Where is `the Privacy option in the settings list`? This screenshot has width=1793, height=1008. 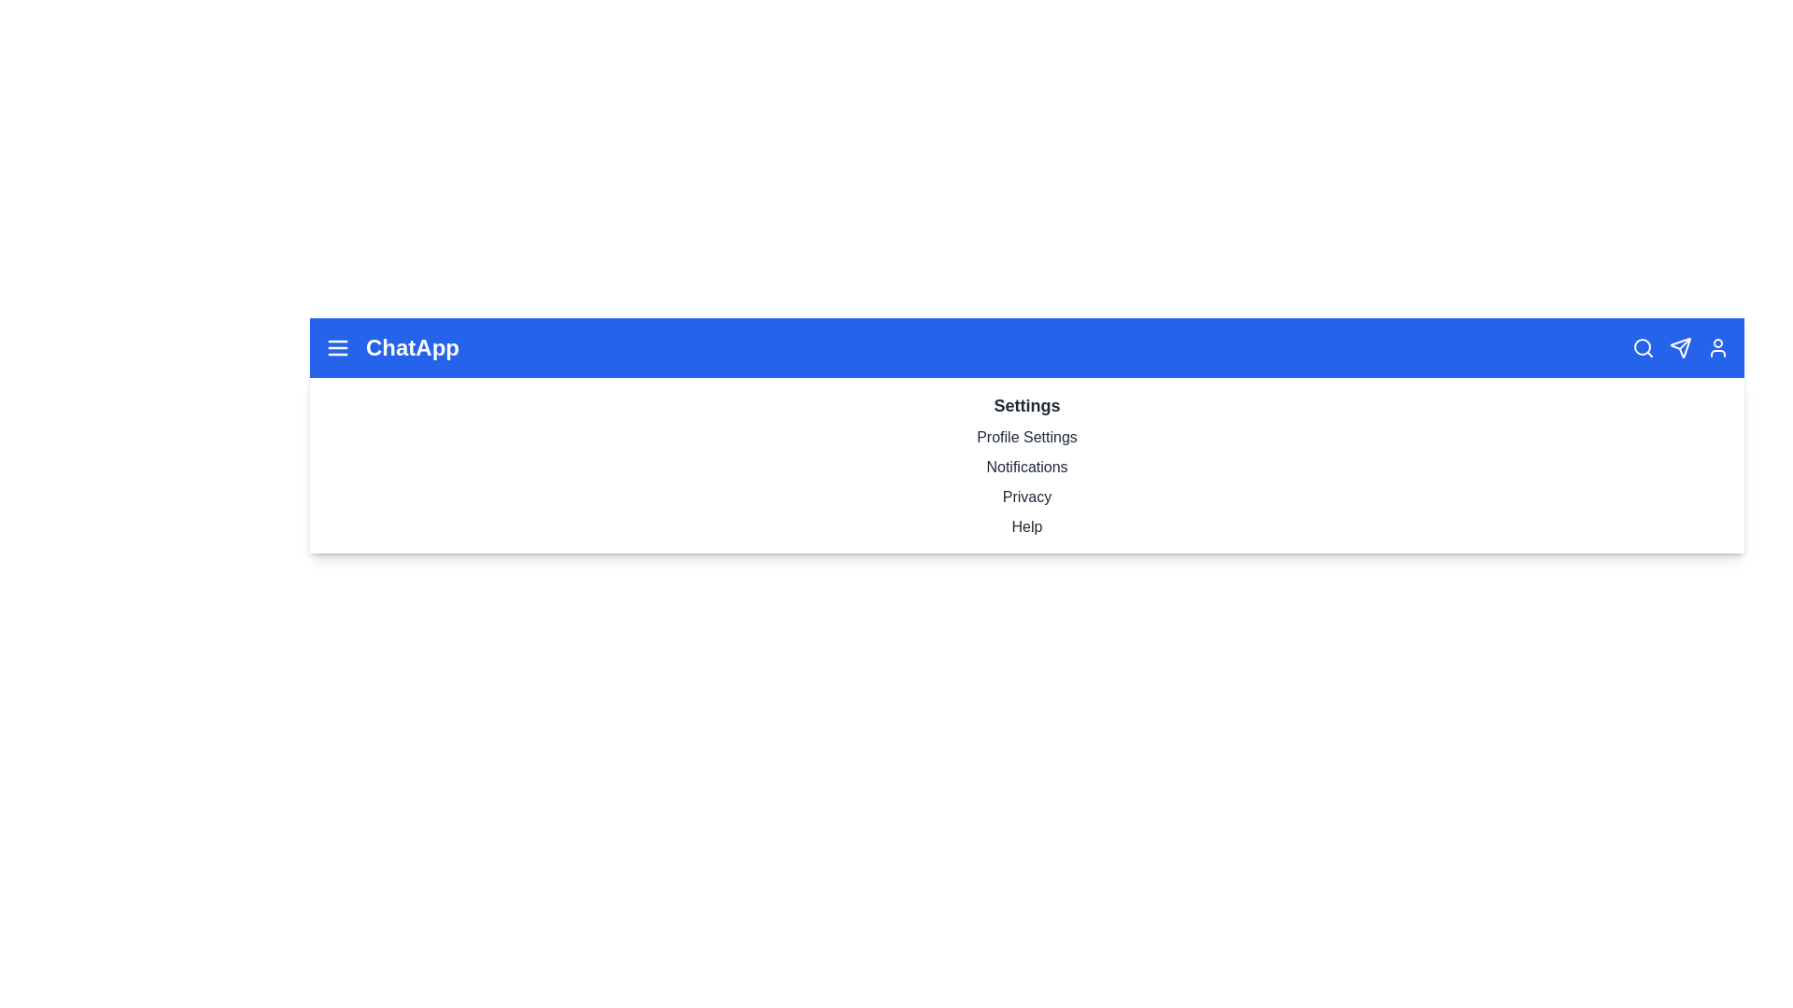
the Privacy option in the settings list is located at coordinates (1025, 496).